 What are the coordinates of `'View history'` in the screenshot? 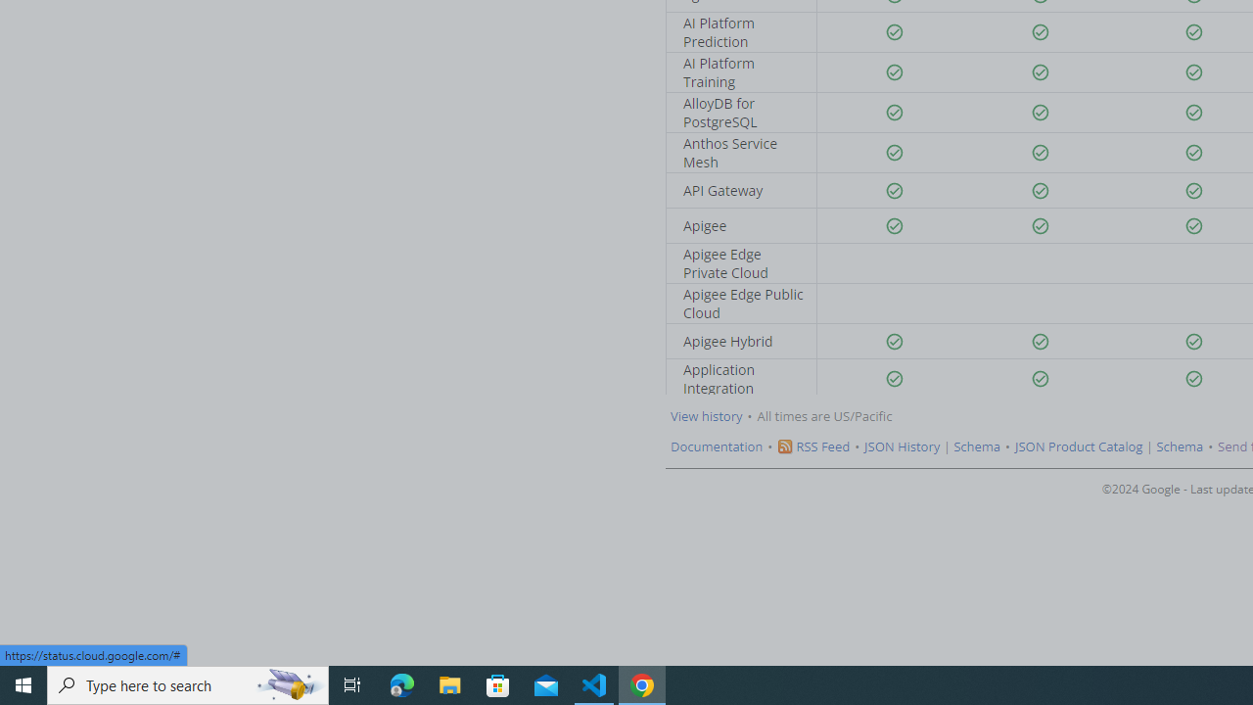 It's located at (705, 415).